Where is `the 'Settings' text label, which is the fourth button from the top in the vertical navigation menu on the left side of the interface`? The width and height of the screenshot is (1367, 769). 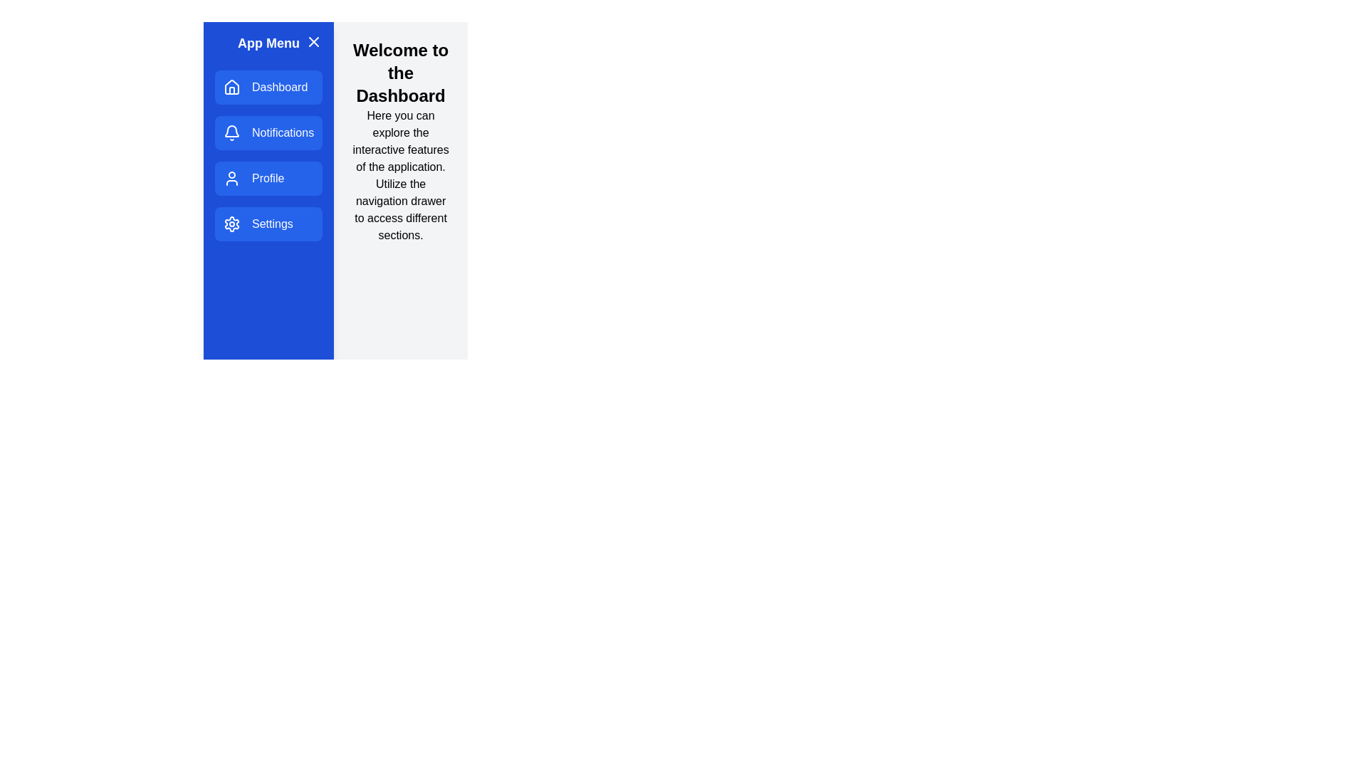 the 'Settings' text label, which is the fourth button from the top in the vertical navigation menu on the left side of the interface is located at coordinates (272, 224).